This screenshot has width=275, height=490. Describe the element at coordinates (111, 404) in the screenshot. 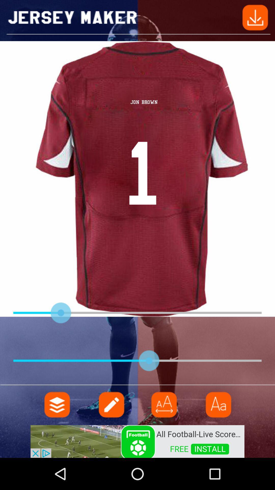

I see `write option` at that location.